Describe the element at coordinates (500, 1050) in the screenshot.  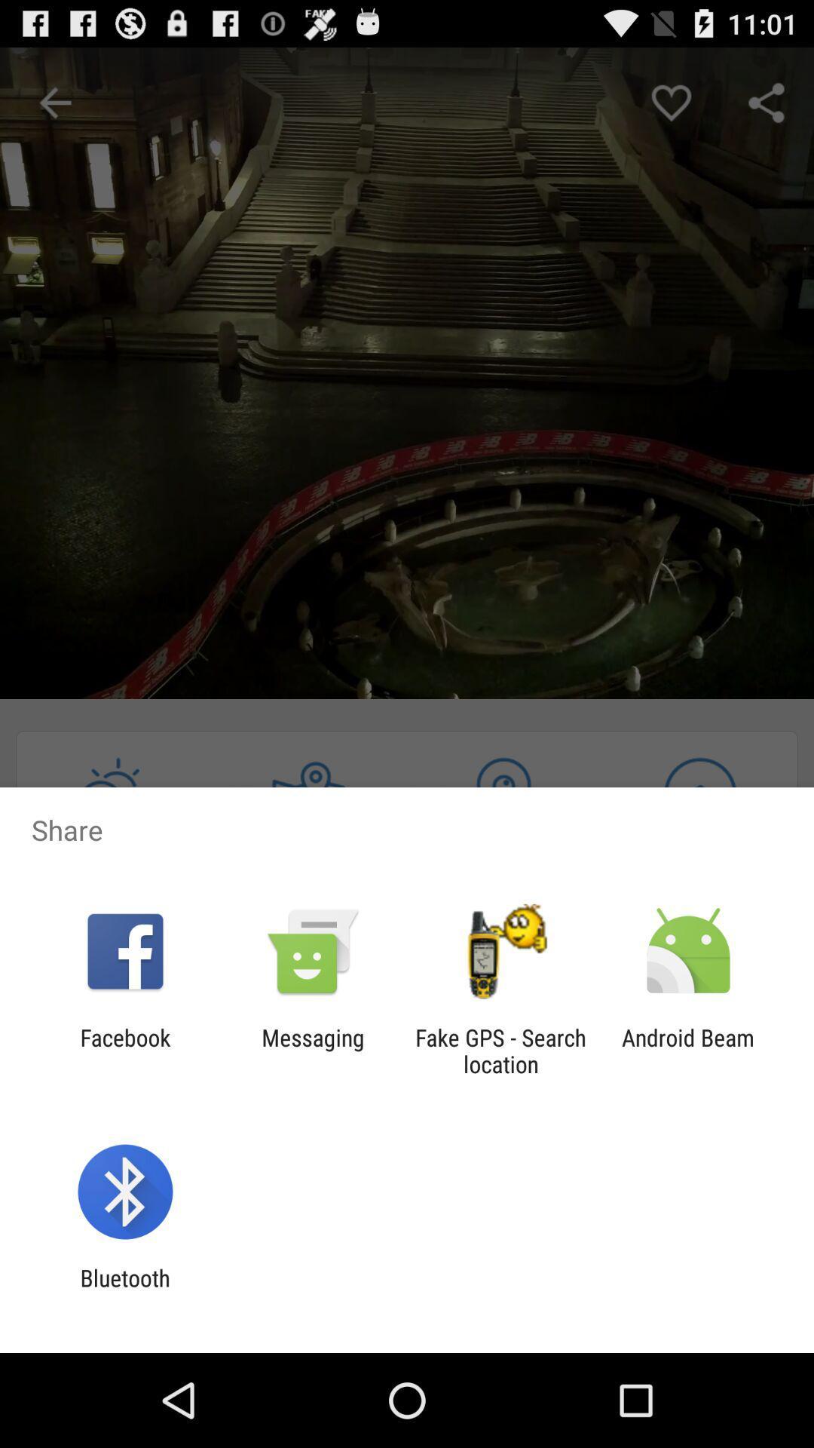
I see `item next to the android beam item` at that location.